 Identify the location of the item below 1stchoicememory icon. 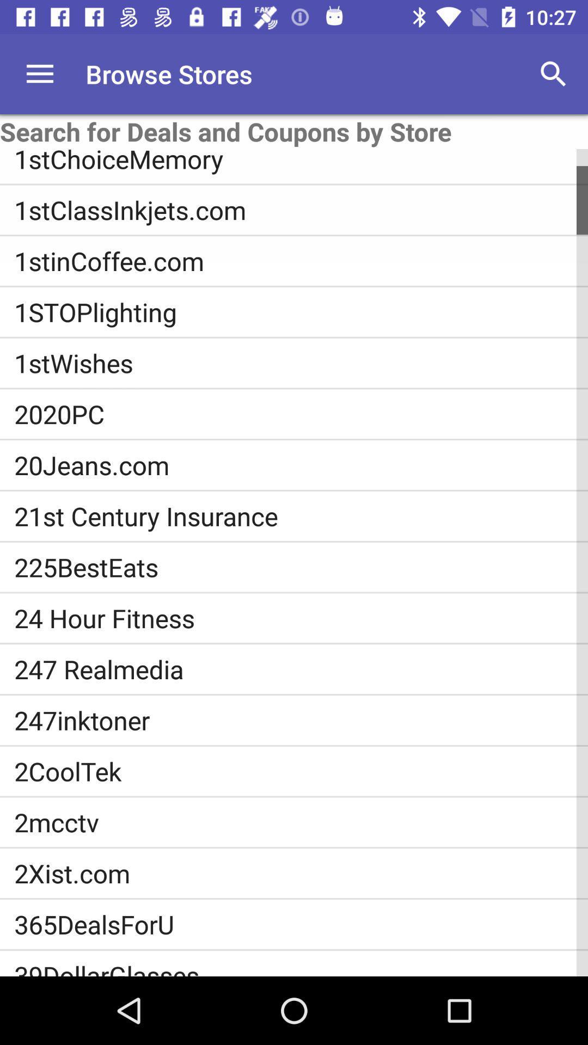
(301, 210).